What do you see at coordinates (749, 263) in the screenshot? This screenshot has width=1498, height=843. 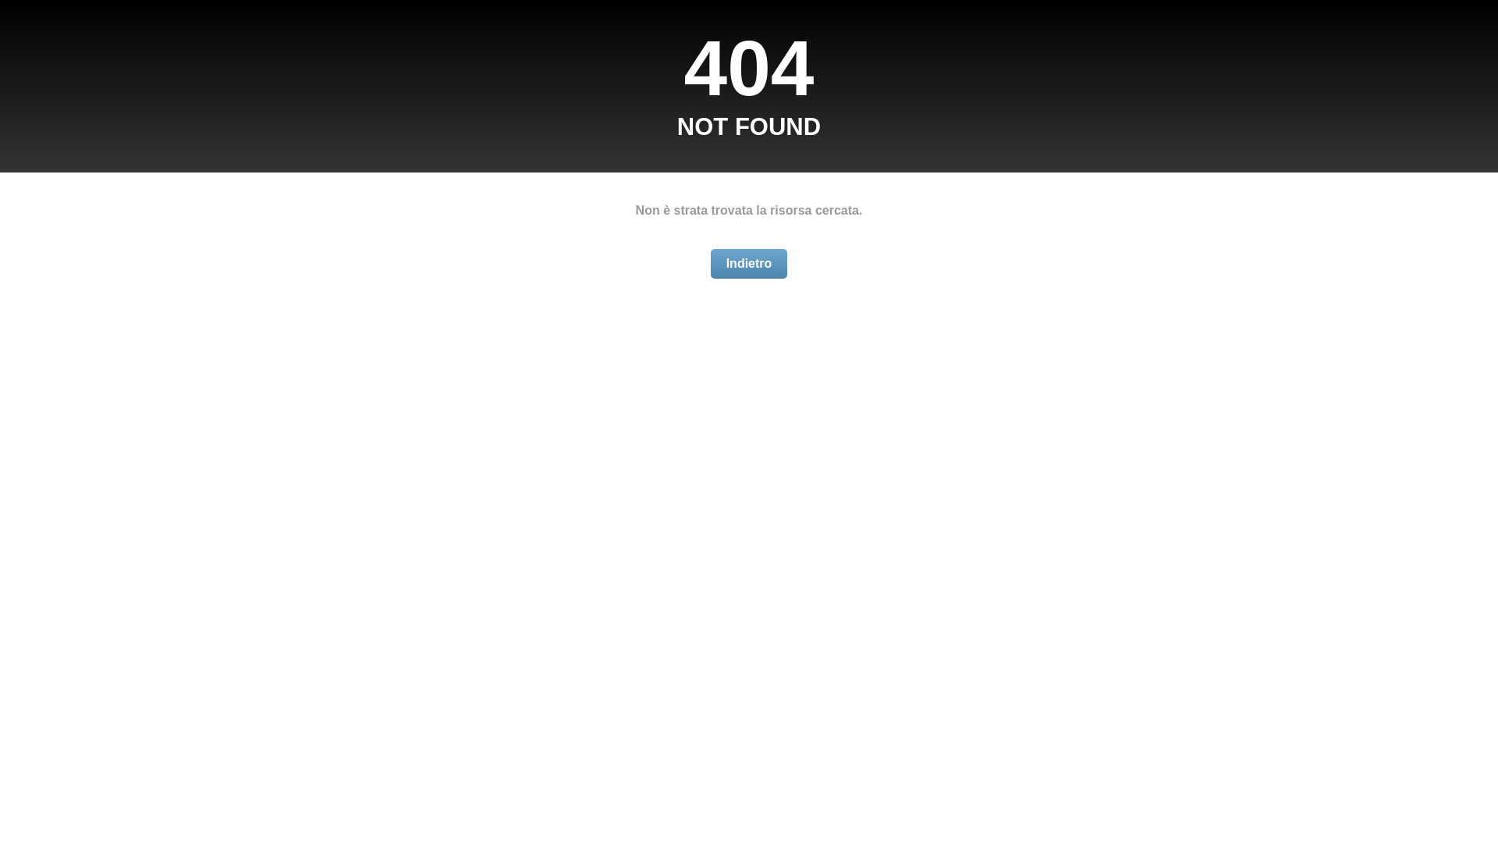 I see `'Indietro'` at bounding box center [749, 263].